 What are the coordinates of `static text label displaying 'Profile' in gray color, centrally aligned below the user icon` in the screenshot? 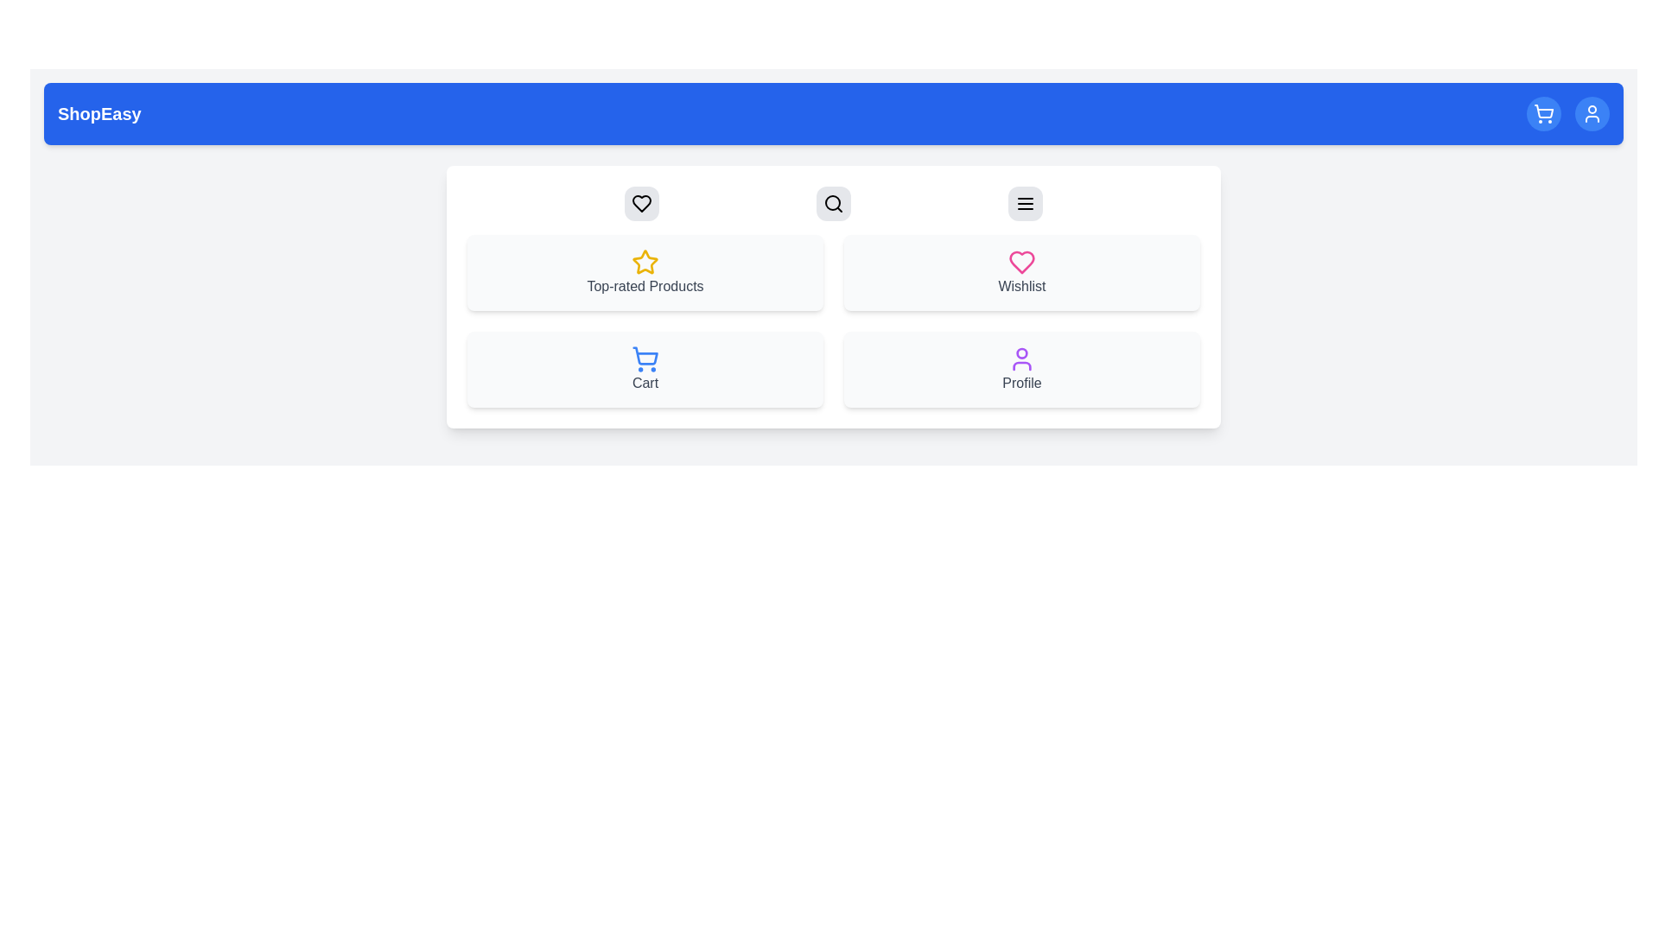 It's located at (1021, 382).